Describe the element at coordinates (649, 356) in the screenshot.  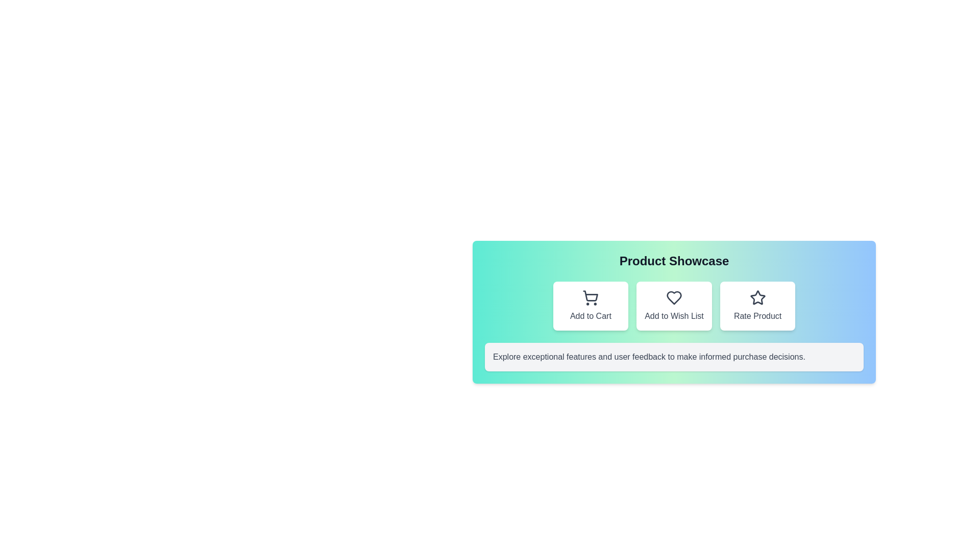
I see `text block that says 'Explore exceptional features and user feedback to make informed purchase decisions.' It is styled with a medium-sized font and gray color, located at the bottom of the card in the 'Product Showcase' section` at that location.